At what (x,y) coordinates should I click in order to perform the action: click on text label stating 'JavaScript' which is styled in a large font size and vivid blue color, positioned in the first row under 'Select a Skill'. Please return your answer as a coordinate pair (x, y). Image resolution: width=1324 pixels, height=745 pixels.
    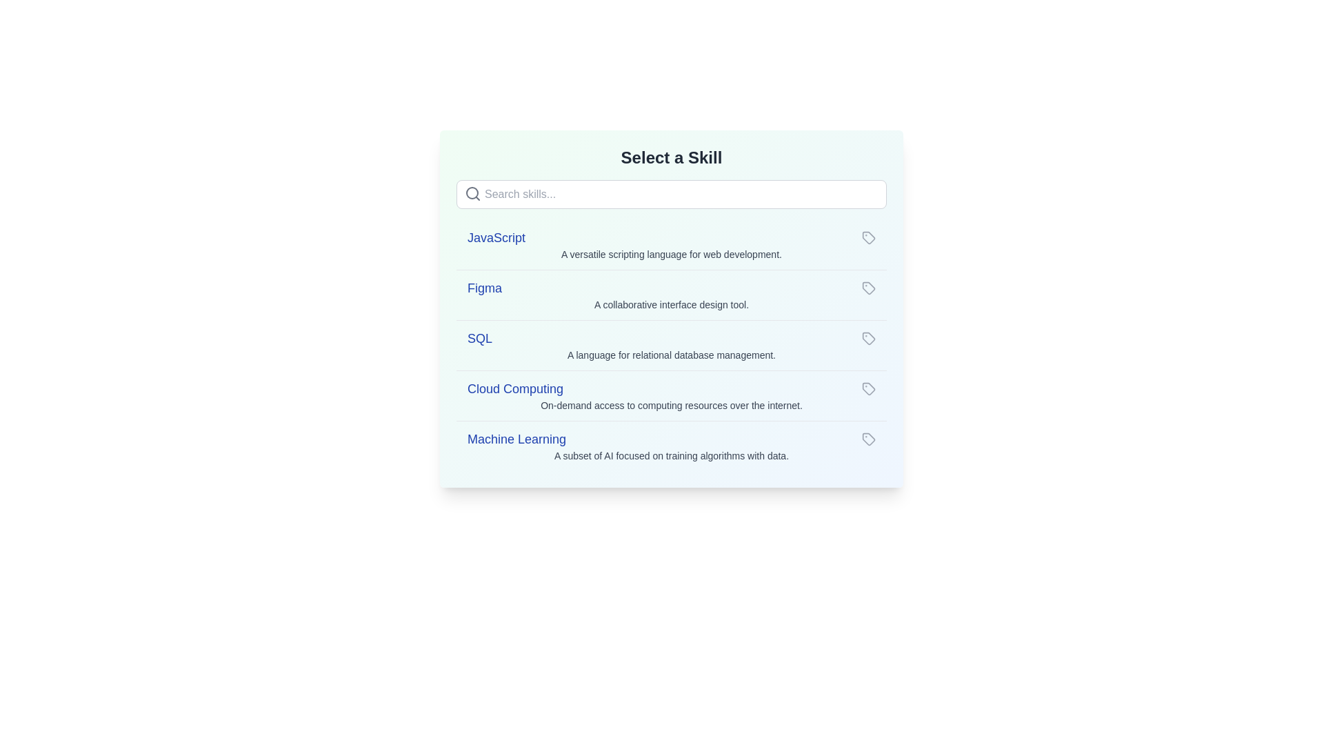
    Looking at the image, I should click on (496, 237).